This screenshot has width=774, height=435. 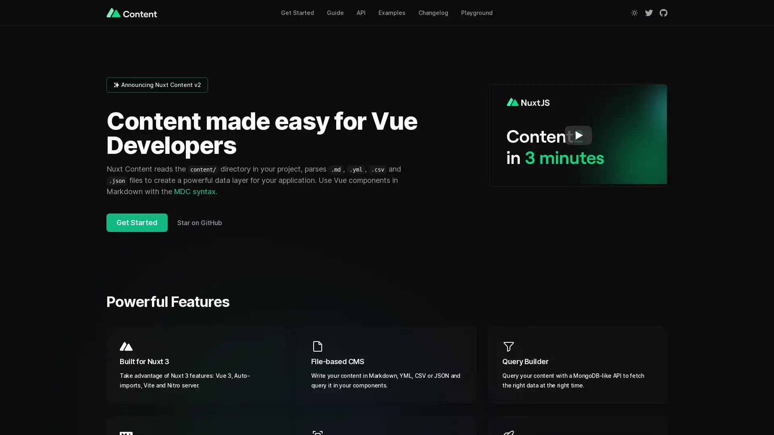 What do you see at coordinates (634, 12) in the screenshot?
I see `Color Mode` at bounding box center [634, 12].